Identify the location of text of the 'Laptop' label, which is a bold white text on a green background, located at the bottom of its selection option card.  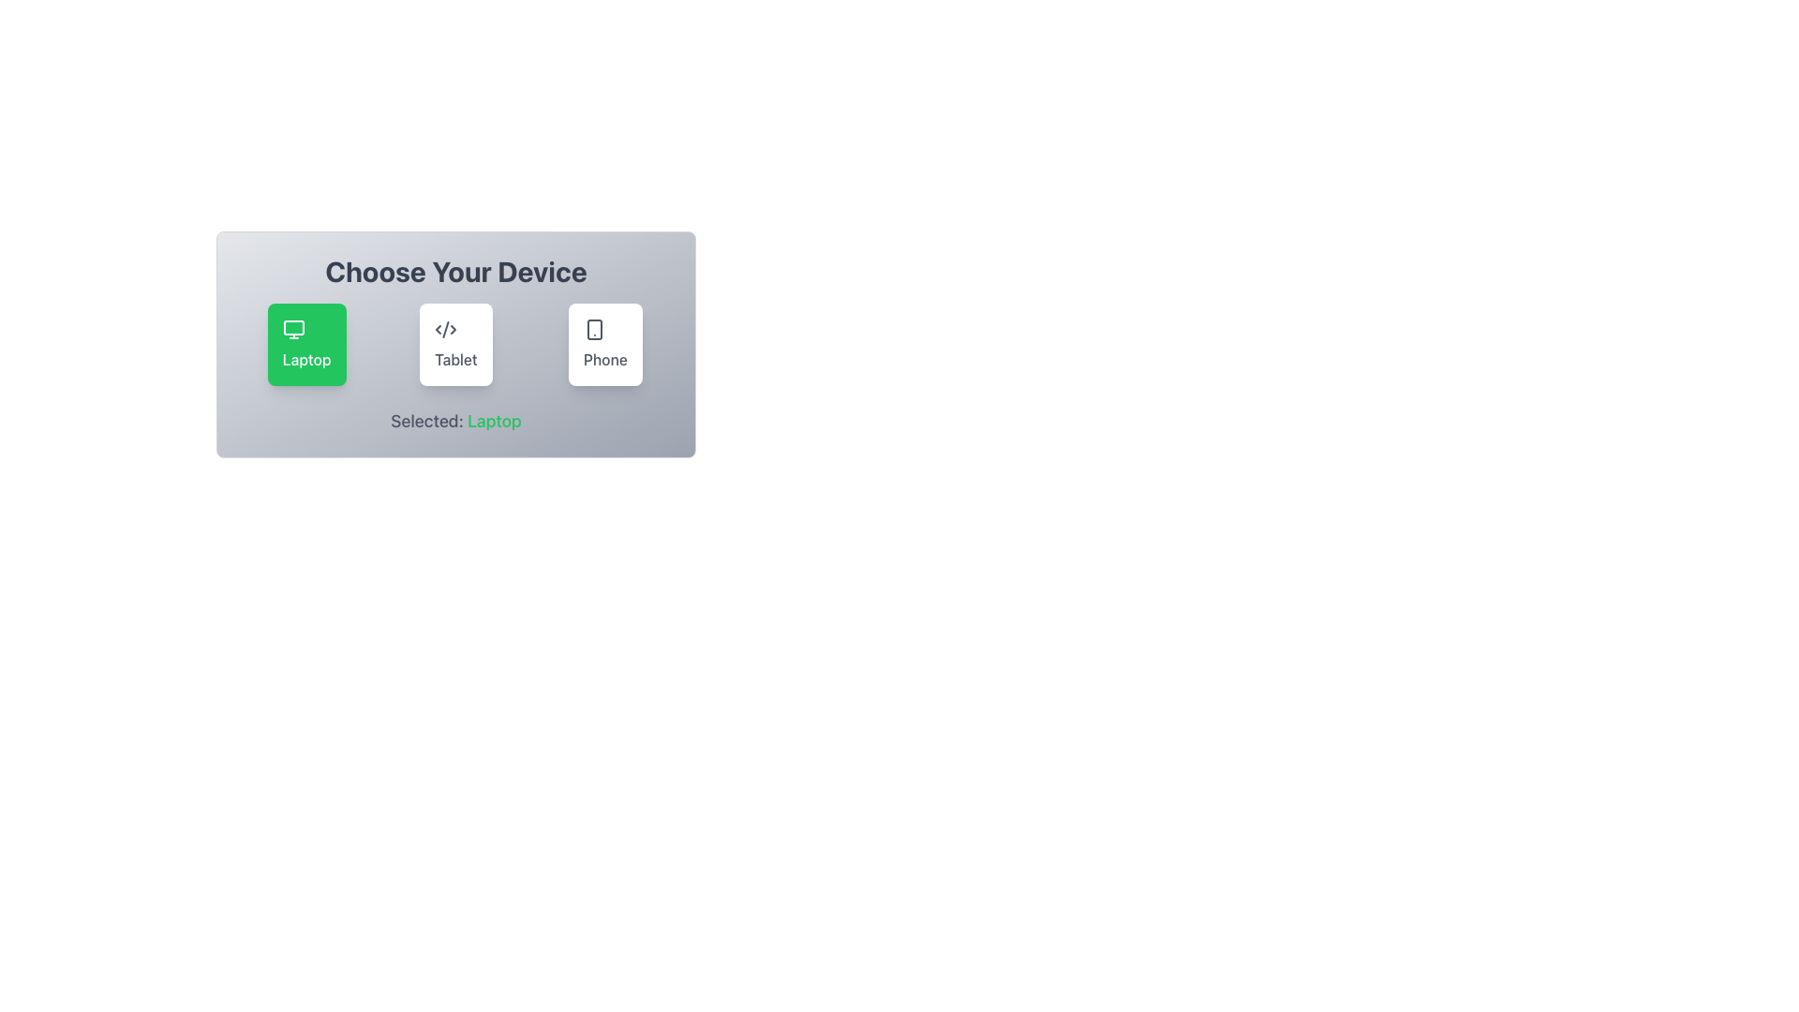
(306, 360).